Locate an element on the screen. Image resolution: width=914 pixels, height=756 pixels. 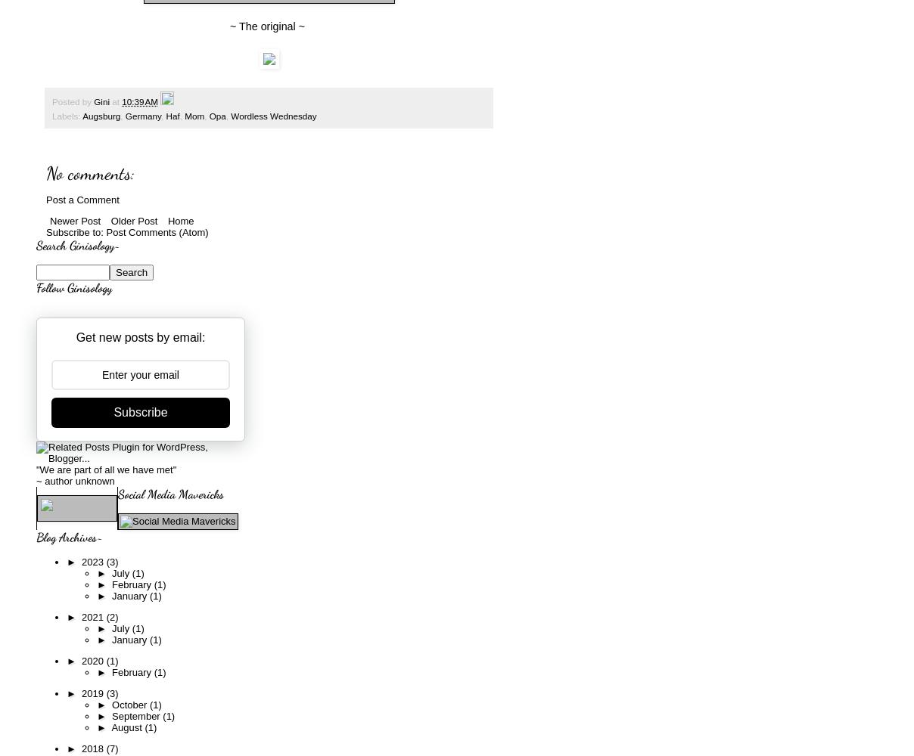
'August' is located at coordinates (127, 726).